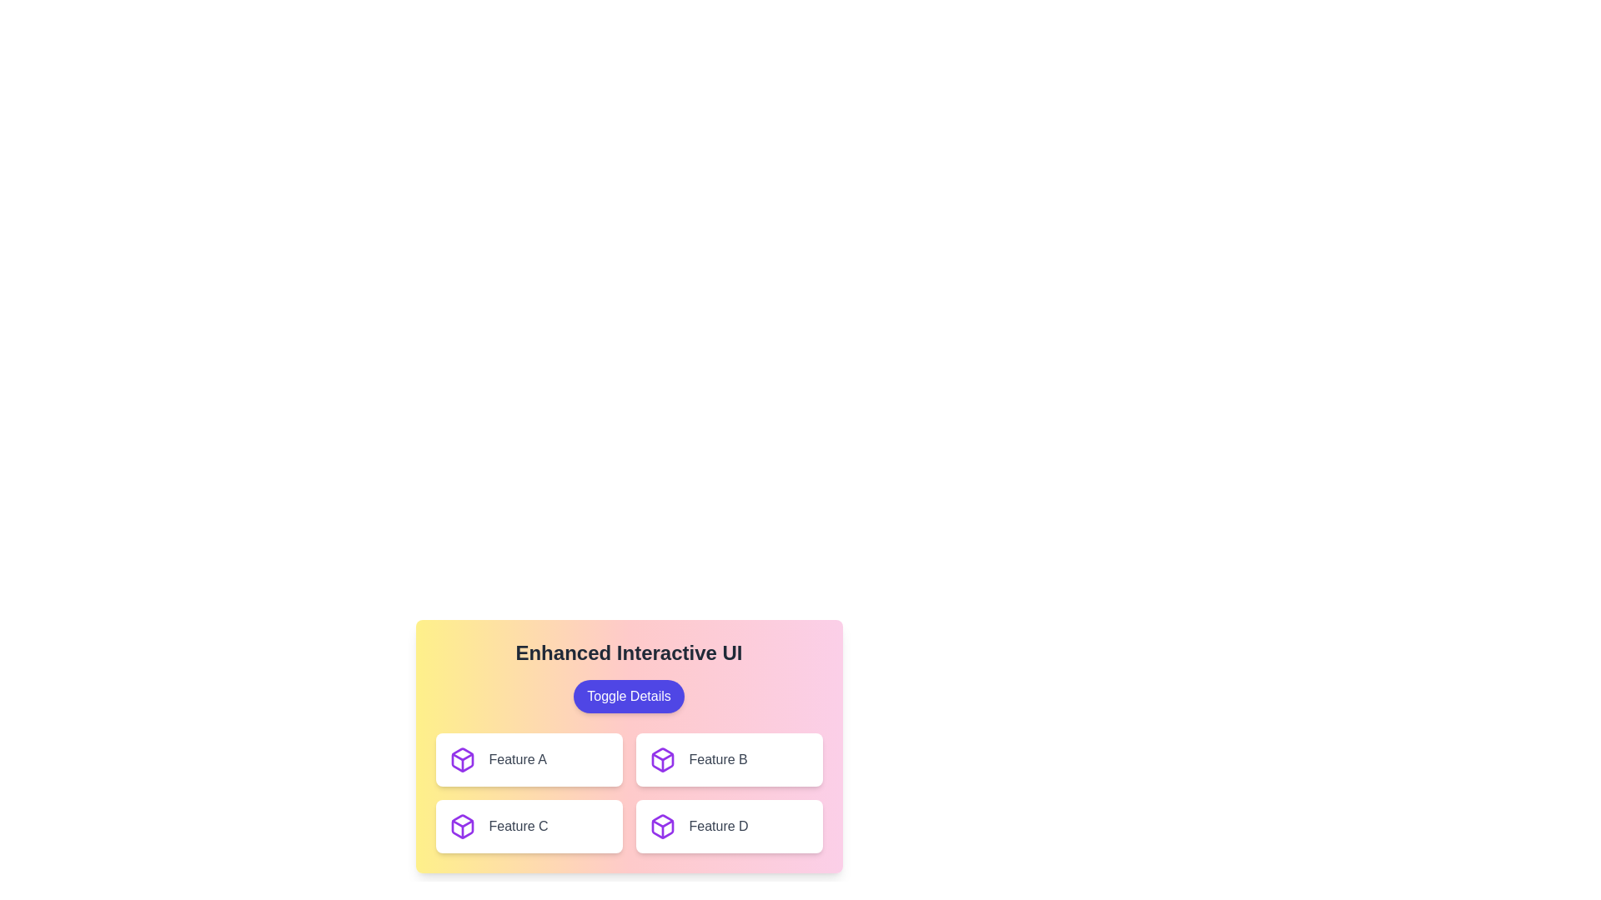 The width and height of the screenshot is (1601, 900). I want to click on the 'Feature D' text label styled in gray, located at the bottom right of the feature grid inside a card-like structure, so click(719, 826).